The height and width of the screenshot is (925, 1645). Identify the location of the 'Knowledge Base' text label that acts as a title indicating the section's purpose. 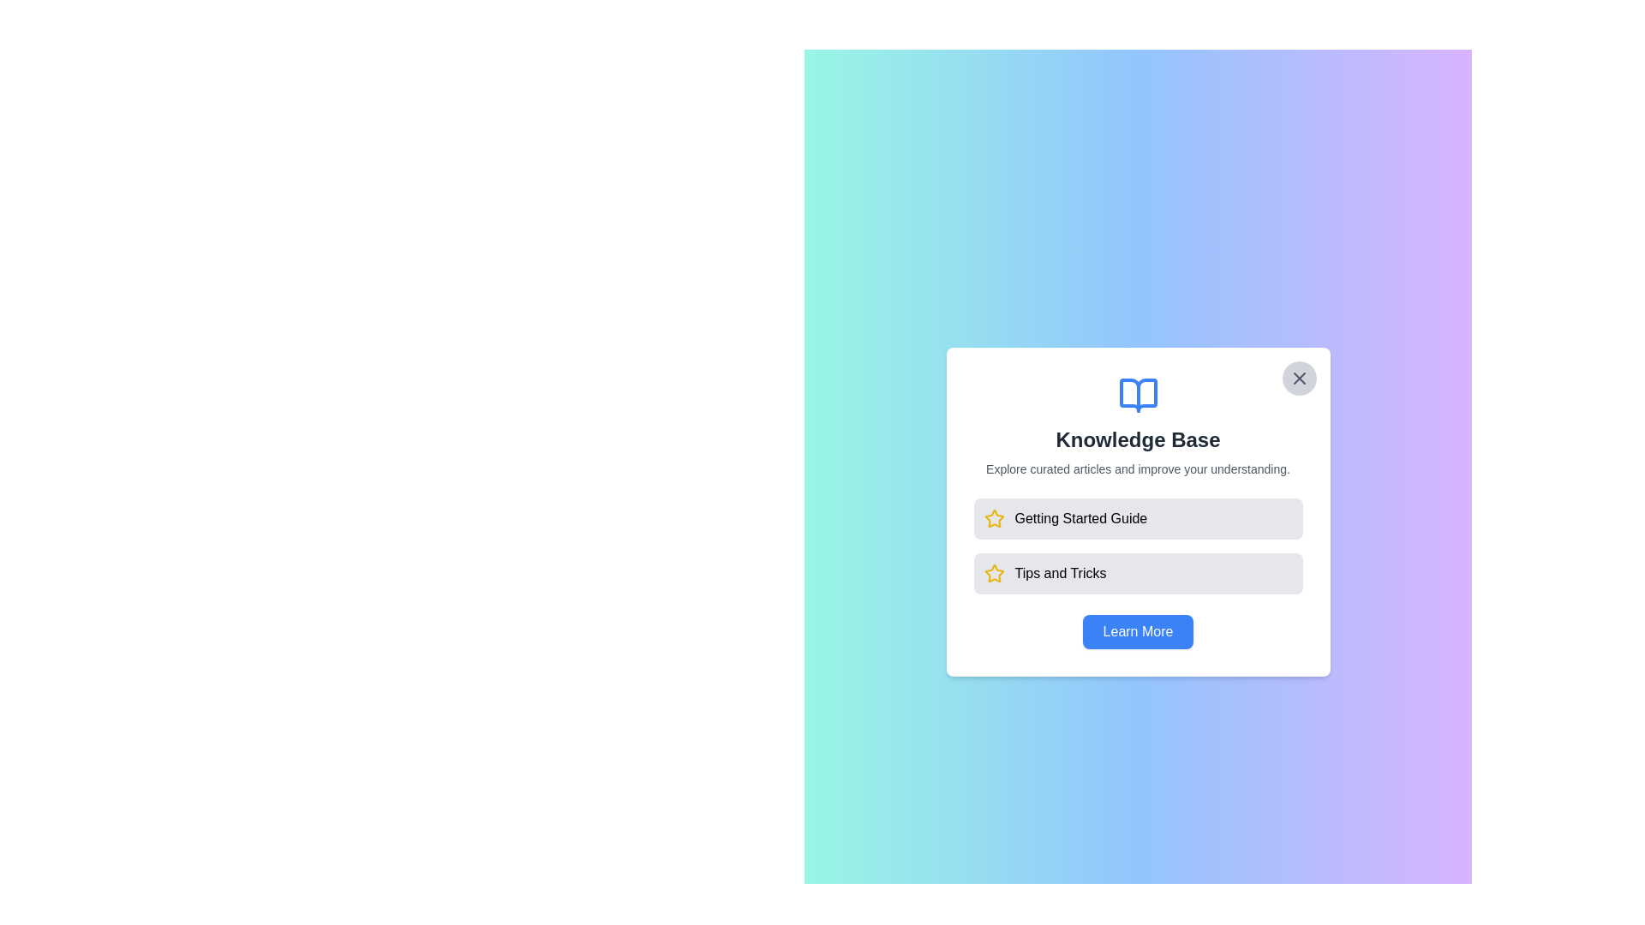
(1138, 439).